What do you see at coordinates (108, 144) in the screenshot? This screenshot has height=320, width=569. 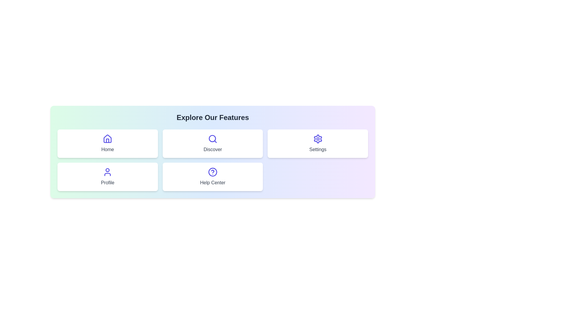 I see `the 'Home' button which is a rectangular button with a white background, a blue house icon, and the text 'Home' below it, located` at bounding box center [108, 144].